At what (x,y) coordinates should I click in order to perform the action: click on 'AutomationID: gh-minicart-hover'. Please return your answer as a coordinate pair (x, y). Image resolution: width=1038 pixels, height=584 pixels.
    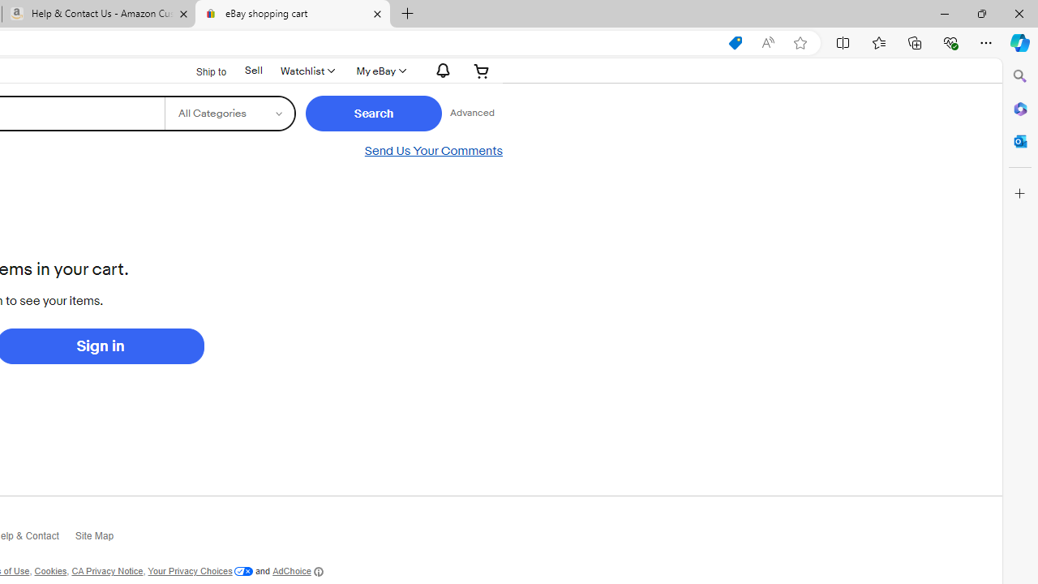
    Looking at the image, I should click on (481, 70).